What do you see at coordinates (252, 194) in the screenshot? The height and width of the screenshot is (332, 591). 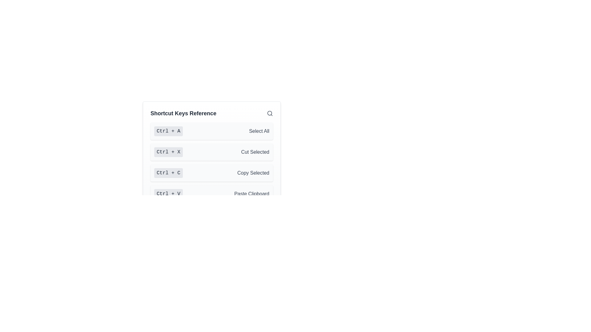 I see `the Text Label that signifies the action associated with 'Ctrl + V', indicating the paste command` at bounding box center [252, 194].